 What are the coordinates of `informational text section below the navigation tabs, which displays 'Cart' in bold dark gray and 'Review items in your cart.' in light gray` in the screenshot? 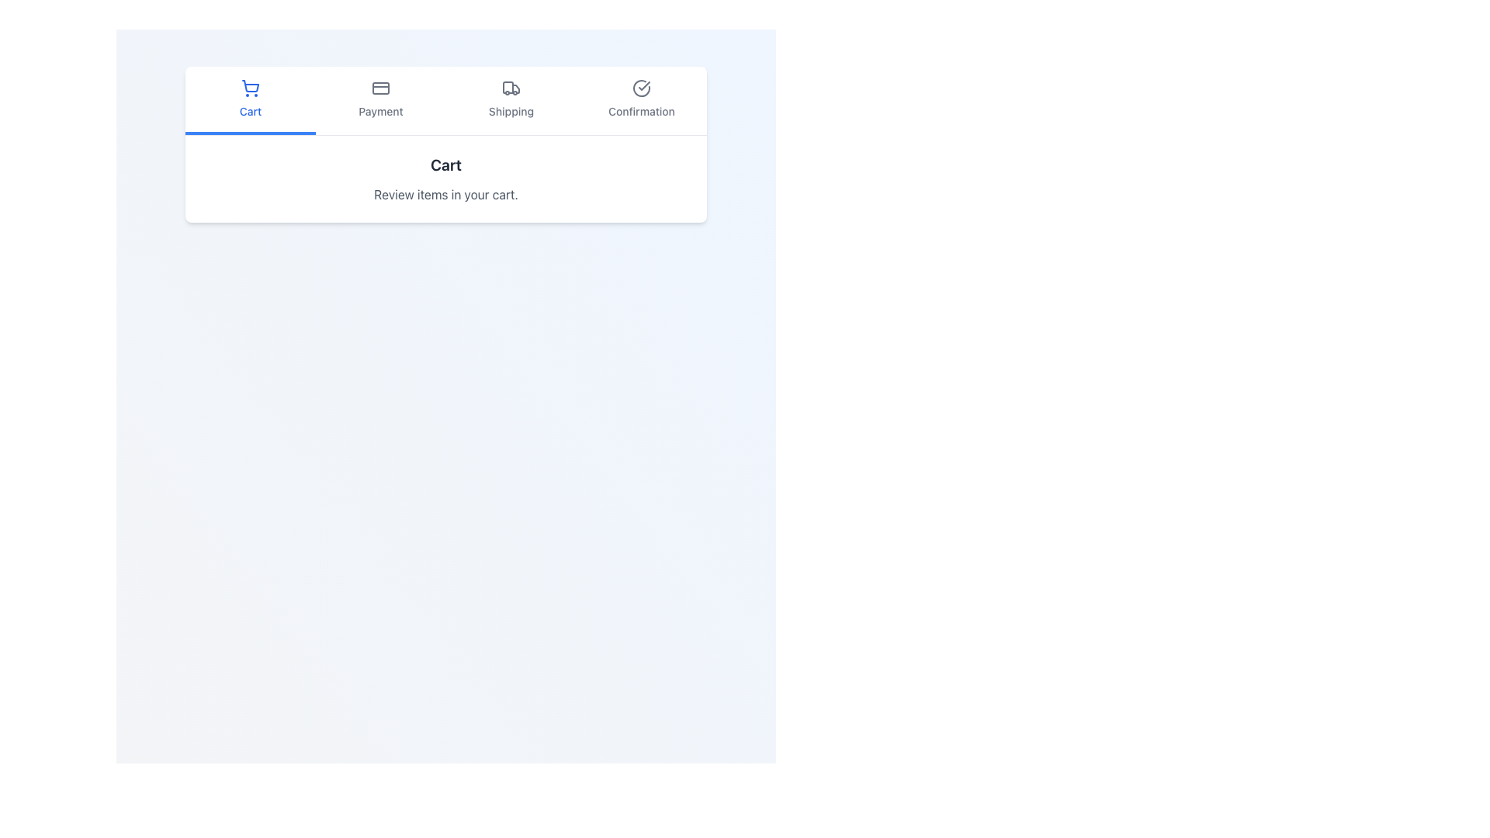 It's located at (445, 178).